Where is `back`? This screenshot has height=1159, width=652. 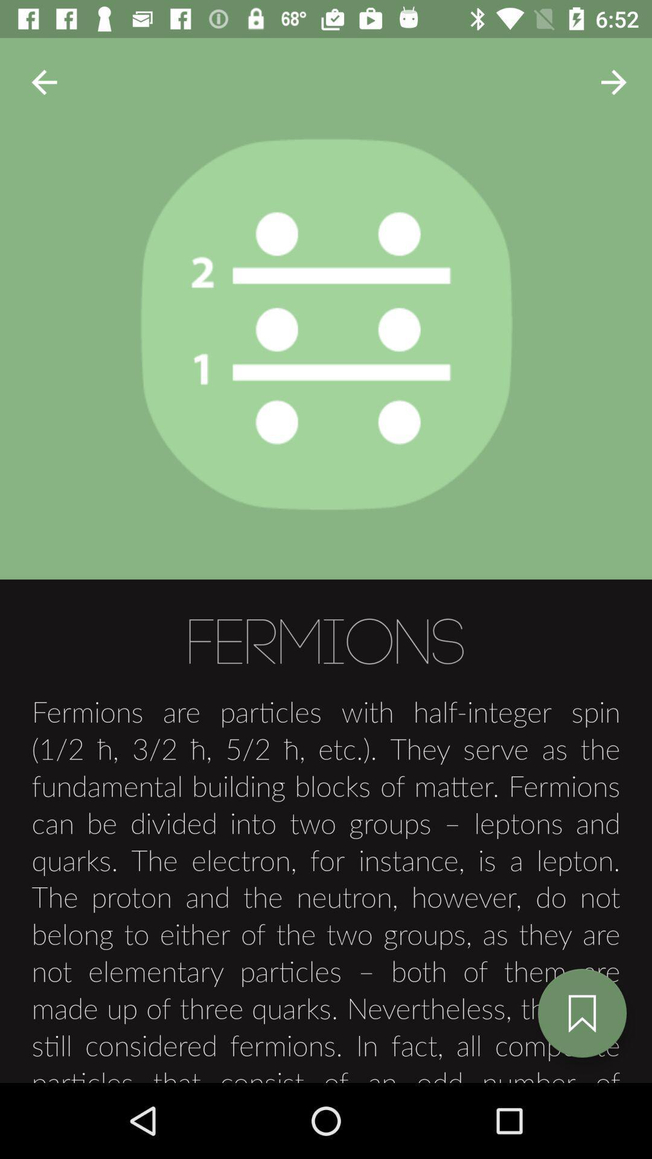
back is located at coordinates (43, 81).